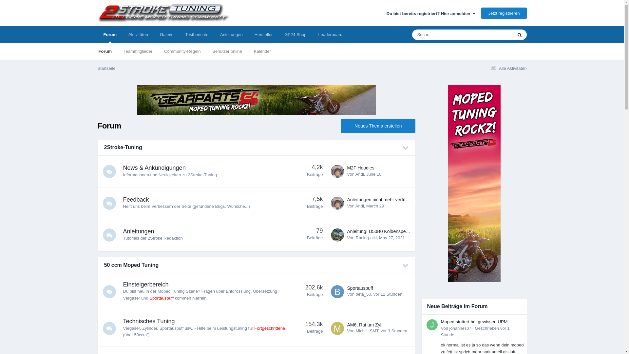  Describe the element at coordinates (131, 265) in the screenshot. I see `'50 ccm Moped Tuning'` at that location.